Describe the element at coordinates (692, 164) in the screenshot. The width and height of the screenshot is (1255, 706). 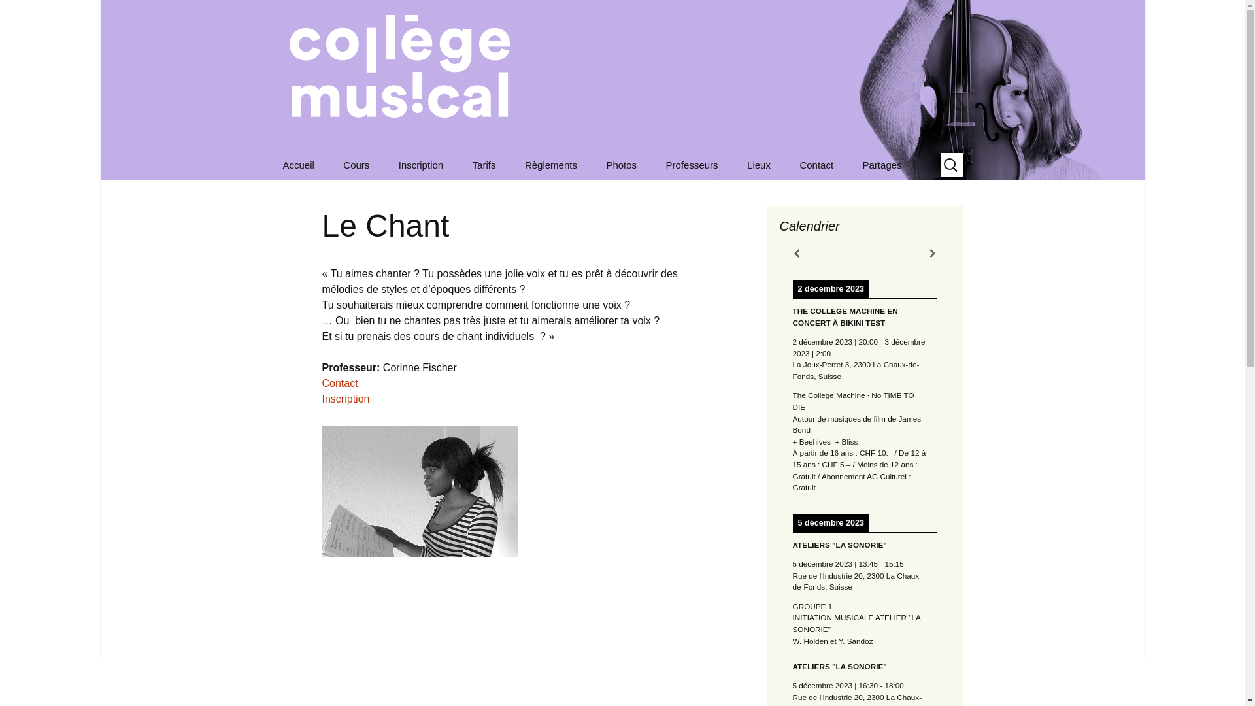
I see `'Professeurs'` at that location.